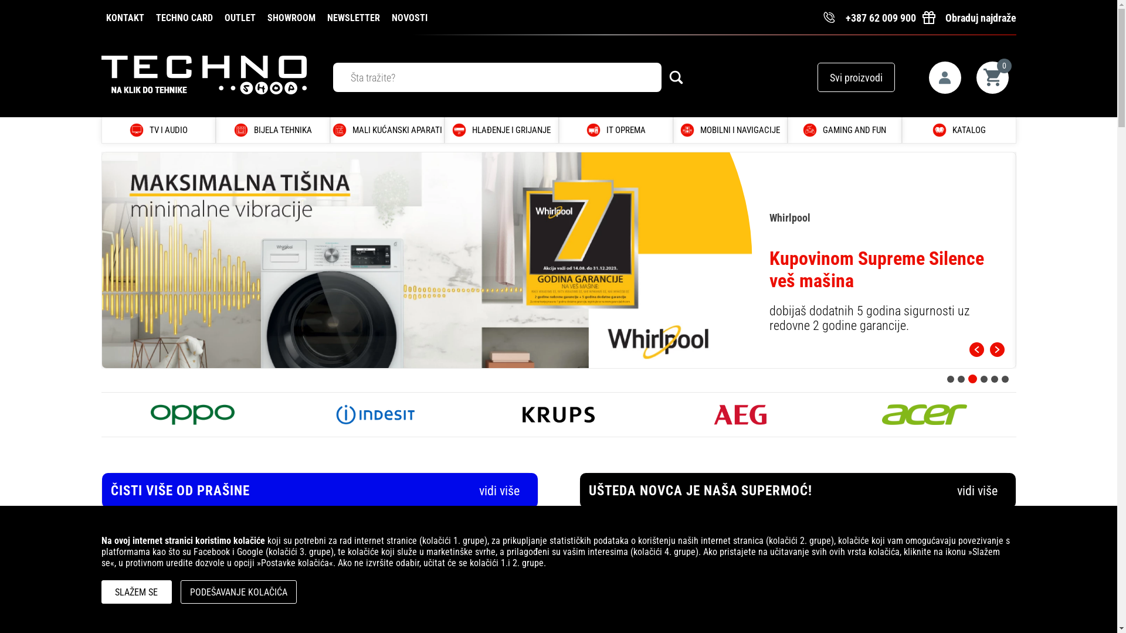 Image resolution: width=1126 pixels, height=633 pixels. I want to click on 'TECHNO CARD', so click(184, 17).